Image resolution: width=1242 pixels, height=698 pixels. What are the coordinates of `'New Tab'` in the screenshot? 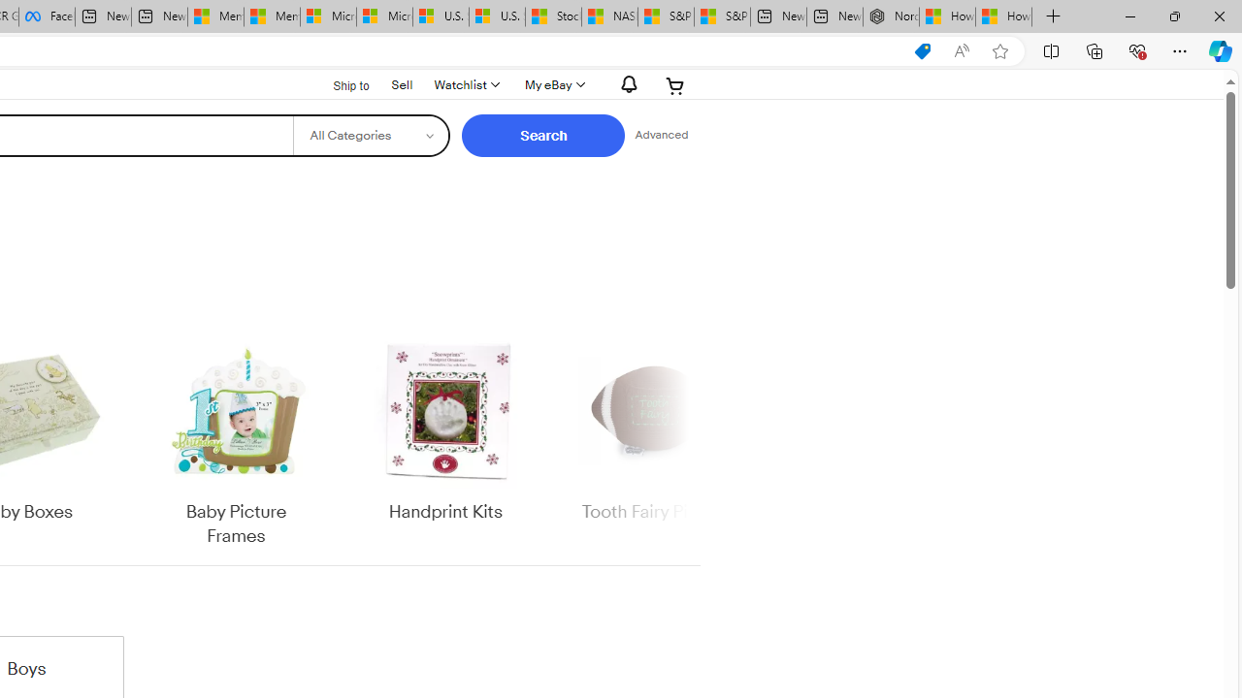 It's located at (1053, 16).